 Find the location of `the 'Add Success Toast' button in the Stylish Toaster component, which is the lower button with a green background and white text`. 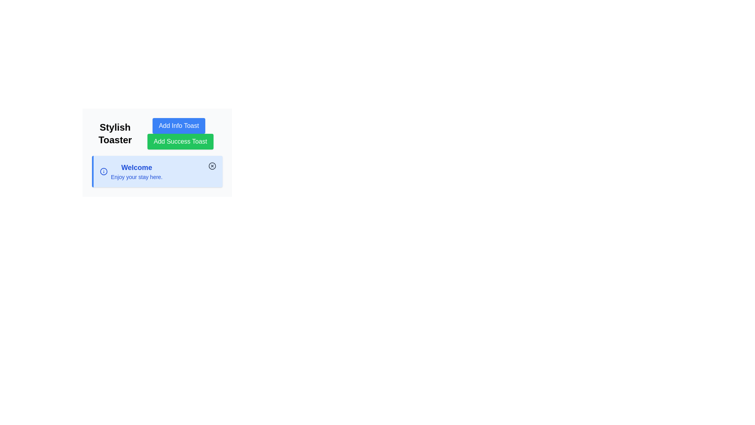

the 'Add Success Toast' button in the Stylish Toaster component, which is the lower button with a green background and white text is located at coordinates (180, 133).